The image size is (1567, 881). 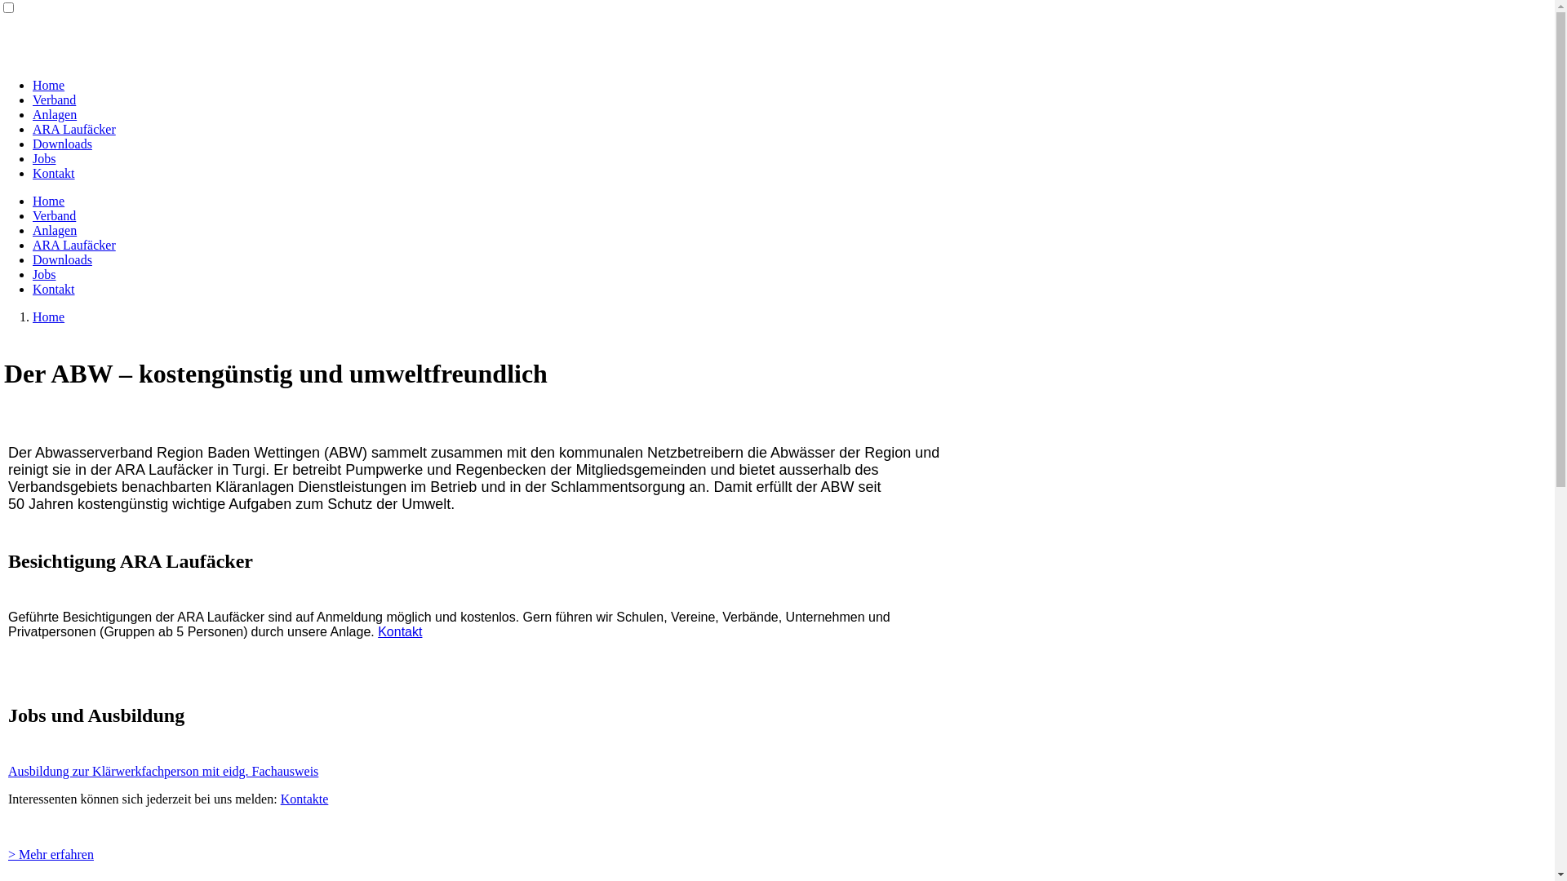 I want to click on 'Verband', so click(x=54, y=100).